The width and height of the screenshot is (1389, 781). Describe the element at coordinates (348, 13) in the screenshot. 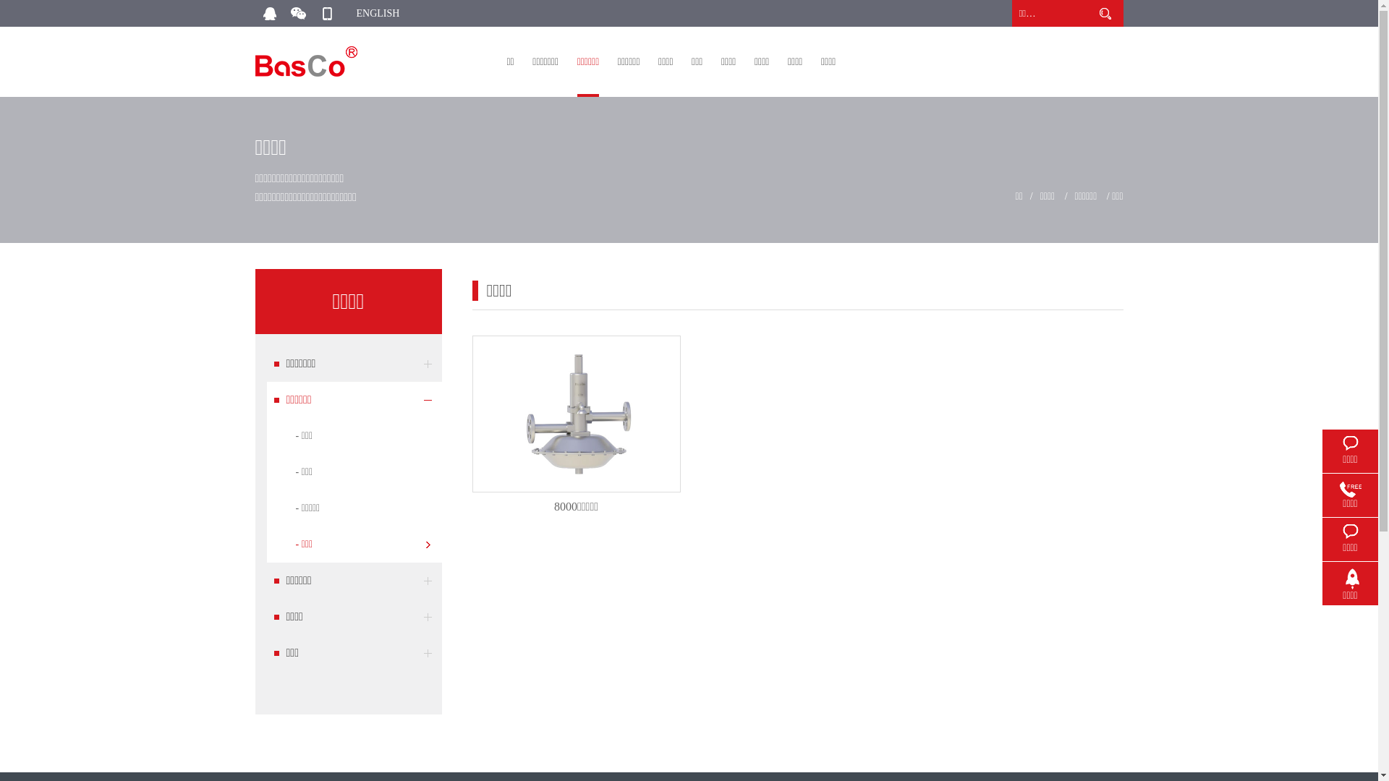

I see `'ENGLISH'` at that location.